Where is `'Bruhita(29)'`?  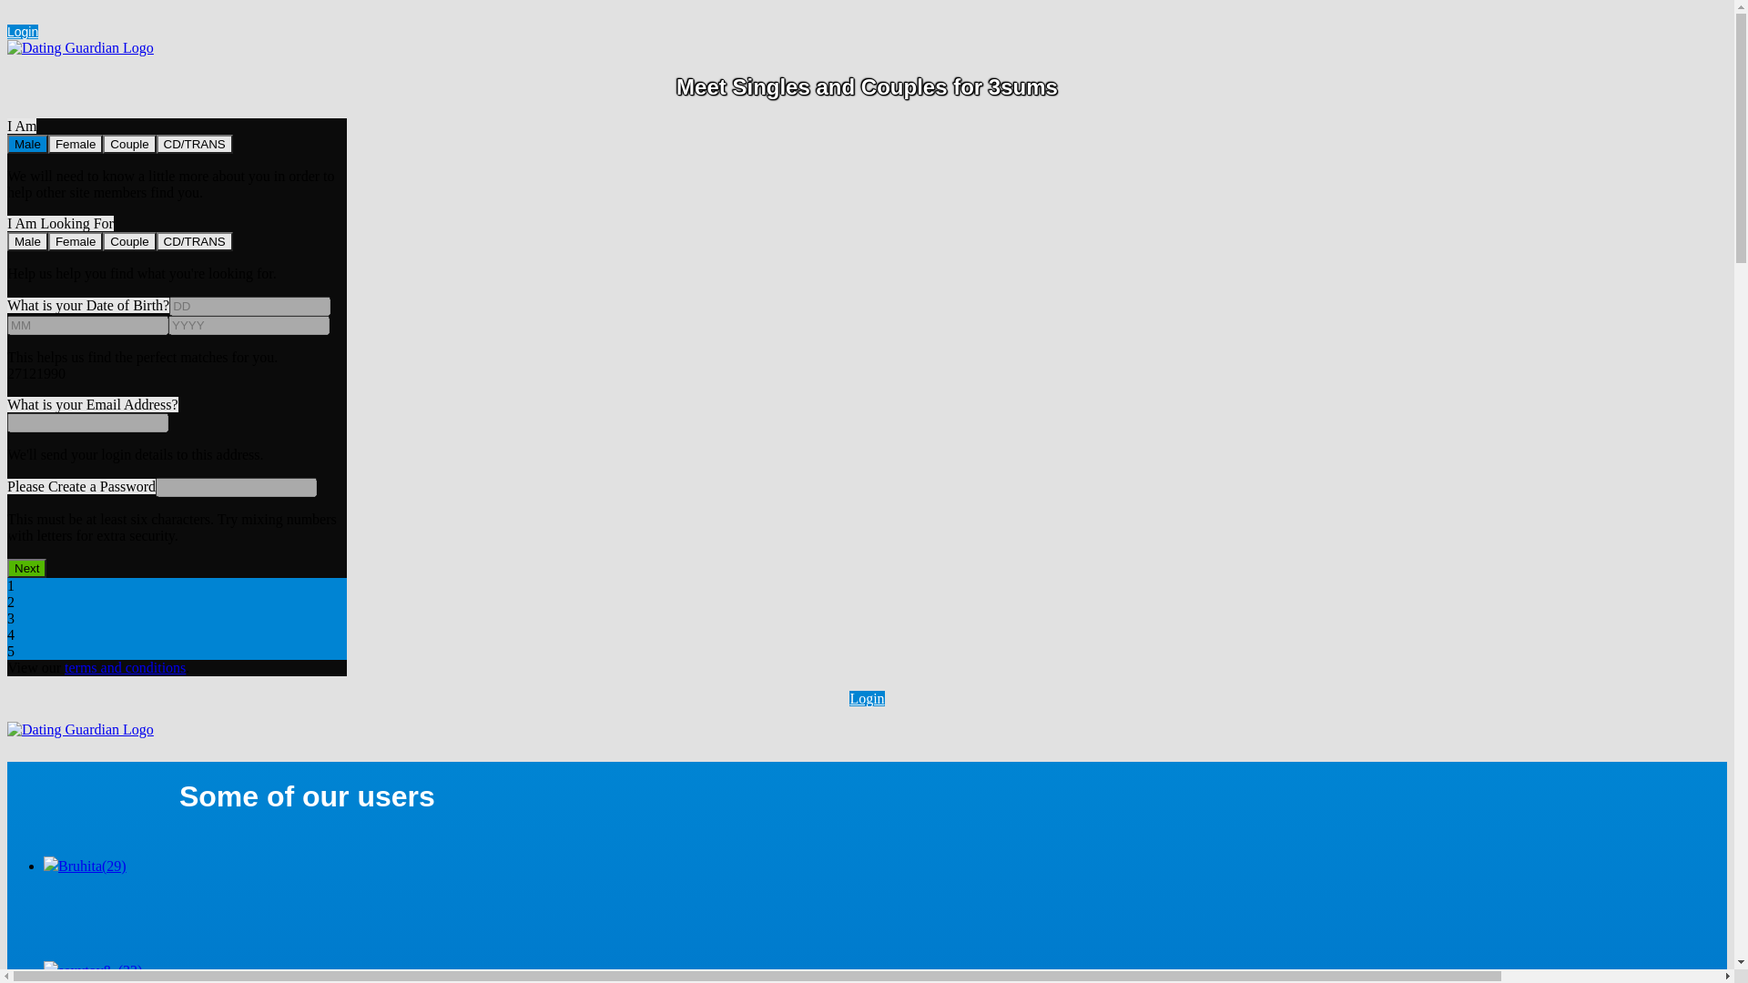 'Bruhita(29)' is located at coordinates (885, 866).